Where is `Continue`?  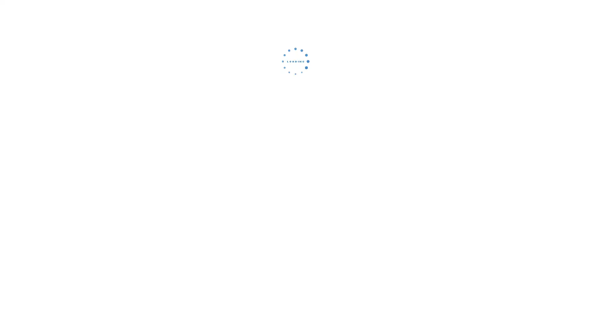
Continue is located at coordinates (295, 103).